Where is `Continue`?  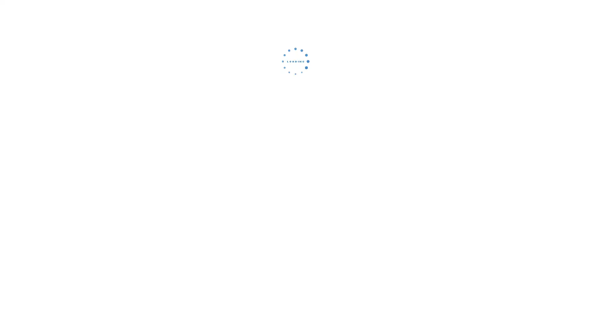
Continue is located at coordinates (295, 103).